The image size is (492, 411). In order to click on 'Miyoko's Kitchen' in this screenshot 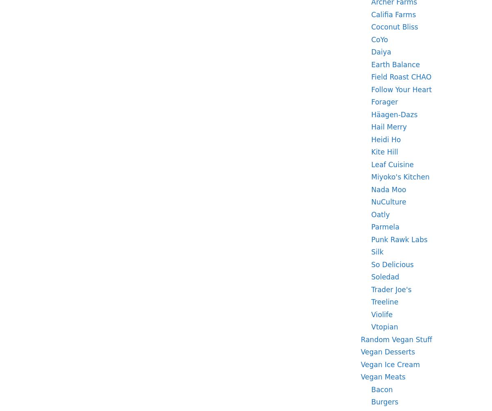, I will do `click(400, 177)`.